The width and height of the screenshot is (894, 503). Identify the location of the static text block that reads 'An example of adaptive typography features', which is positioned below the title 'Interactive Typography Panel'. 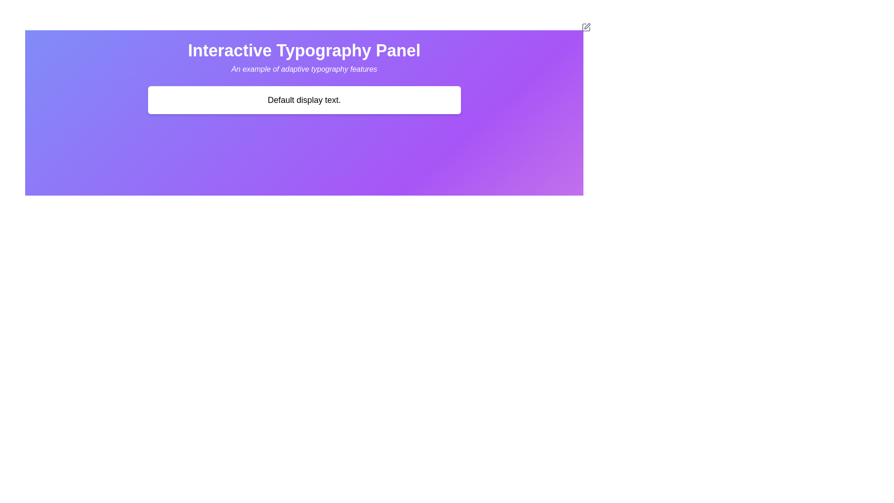
(304, 69).